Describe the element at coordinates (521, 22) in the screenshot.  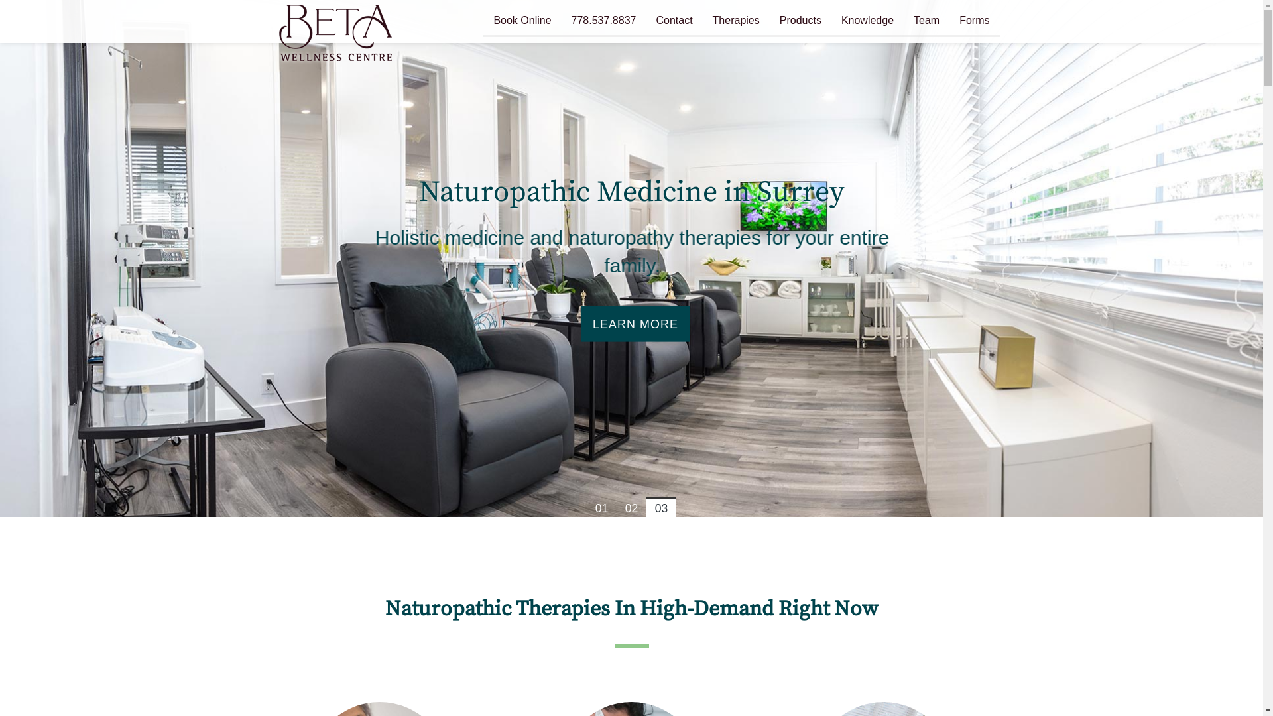
I see `'Book Online'` at that location.